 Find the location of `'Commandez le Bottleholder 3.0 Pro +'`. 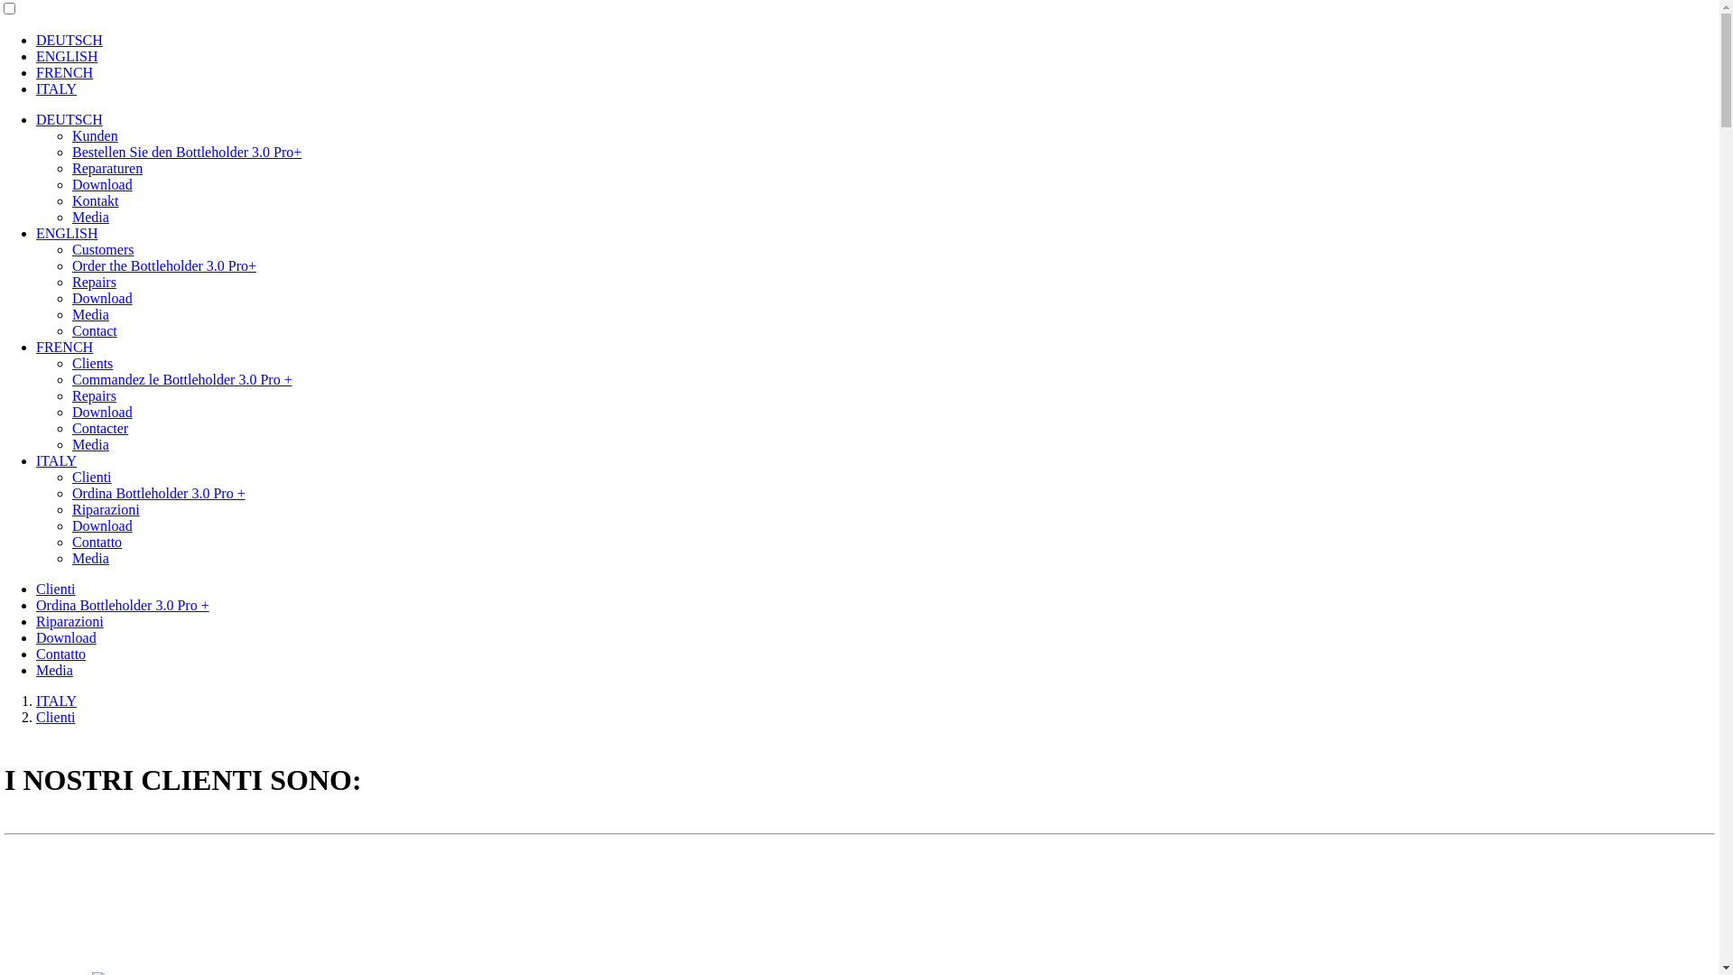

'Commandez le Bottleholder 3.0 Pro +' is located at coordinates (181, 378).